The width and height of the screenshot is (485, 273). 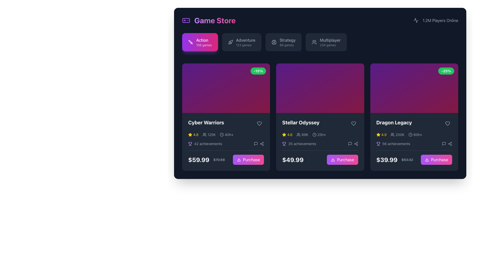 What do you see at coordinates (256, 144) in the screenshot?
I see `the comment bubble icon located in the bottom-right corner of the 'Cyber Warriors' game card` at bounding box center [256, 144].